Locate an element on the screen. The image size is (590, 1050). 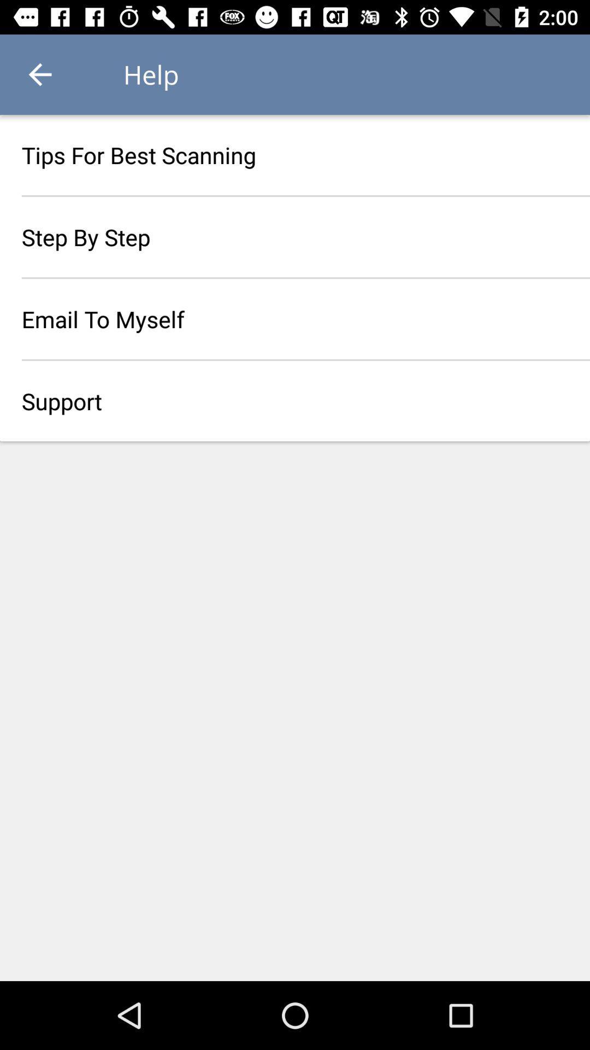
the item above step by step is located at coordinates (295, 154).